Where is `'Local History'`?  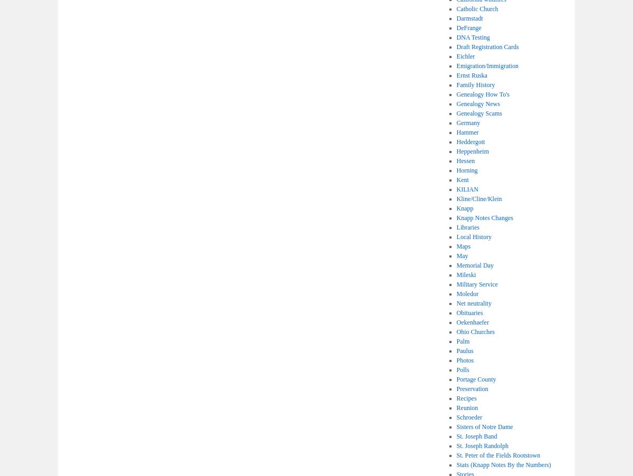
'Local History' is located at coordinates (473, 237).